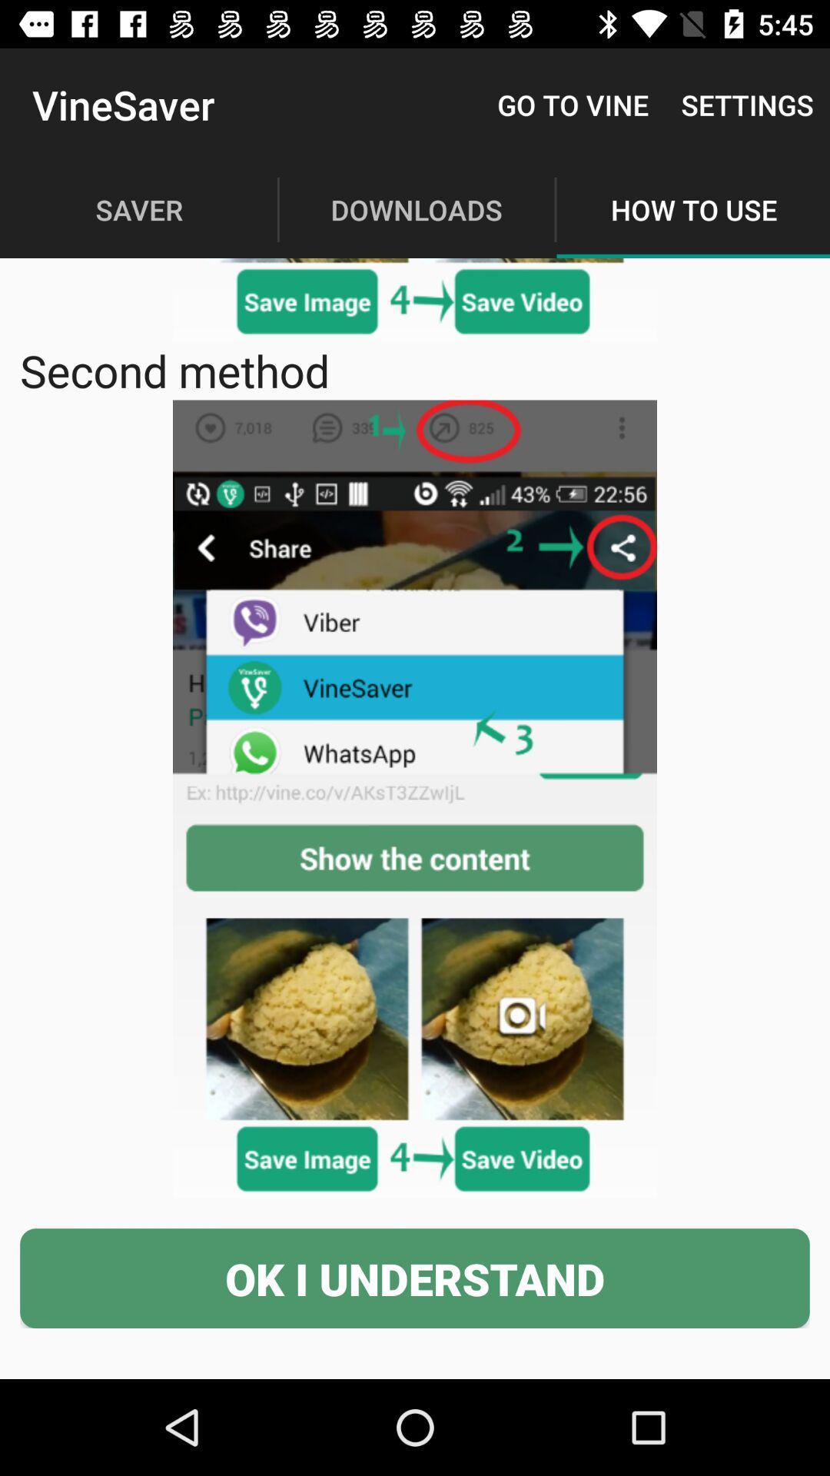 The width and height of the screenshot is (830, 1476). I want to click on icon to the right of the vinesaver icon, so click(573, 104).